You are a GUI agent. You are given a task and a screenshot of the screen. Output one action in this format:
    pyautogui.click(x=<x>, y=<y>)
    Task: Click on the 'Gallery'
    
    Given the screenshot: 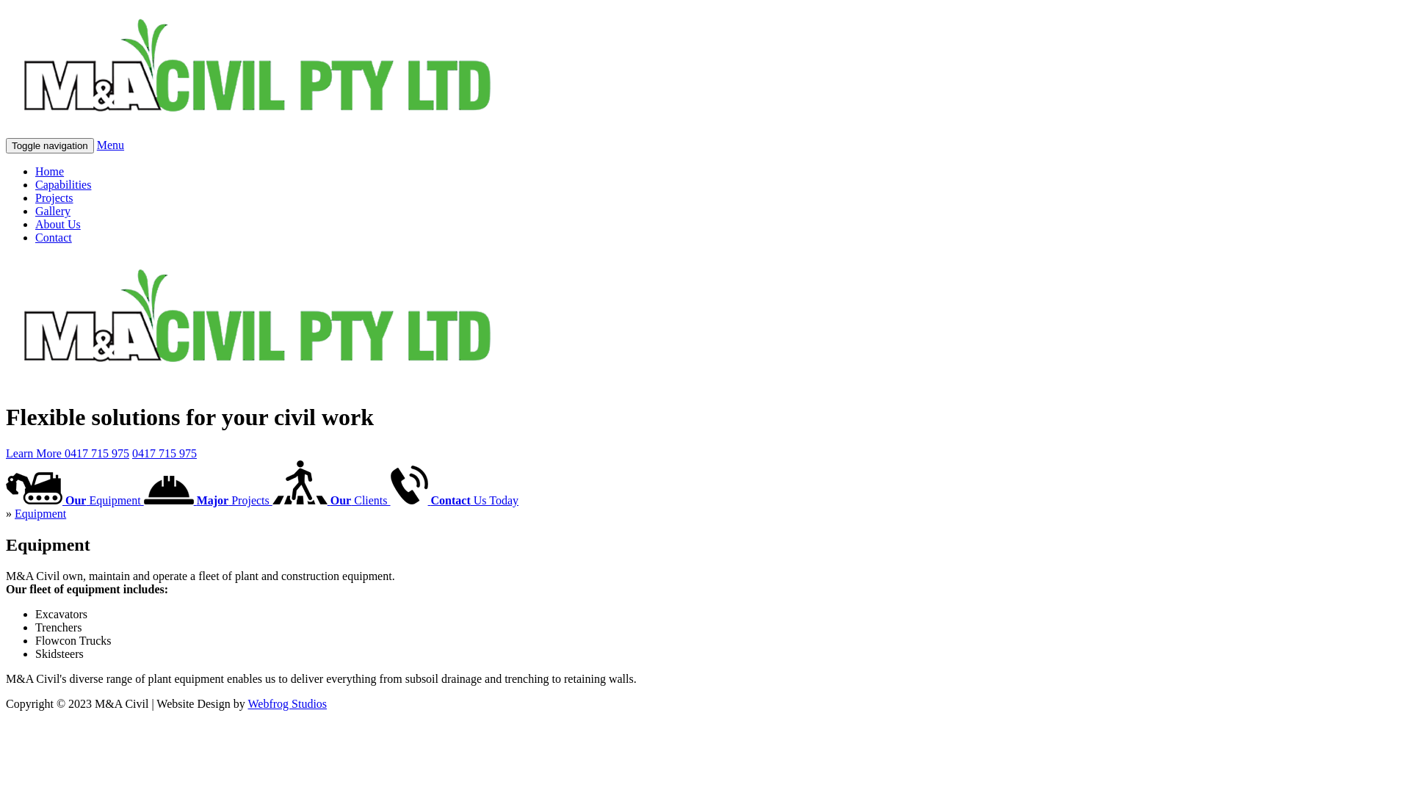 What is the action you would take?
    pyautogui.click(x=53, y=211)
    